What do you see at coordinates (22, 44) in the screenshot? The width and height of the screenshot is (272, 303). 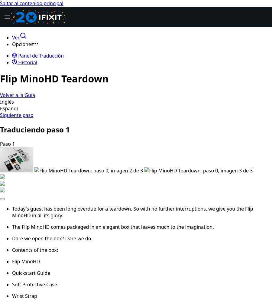 I see `'Opciones'` at bounding box center [22, 44].